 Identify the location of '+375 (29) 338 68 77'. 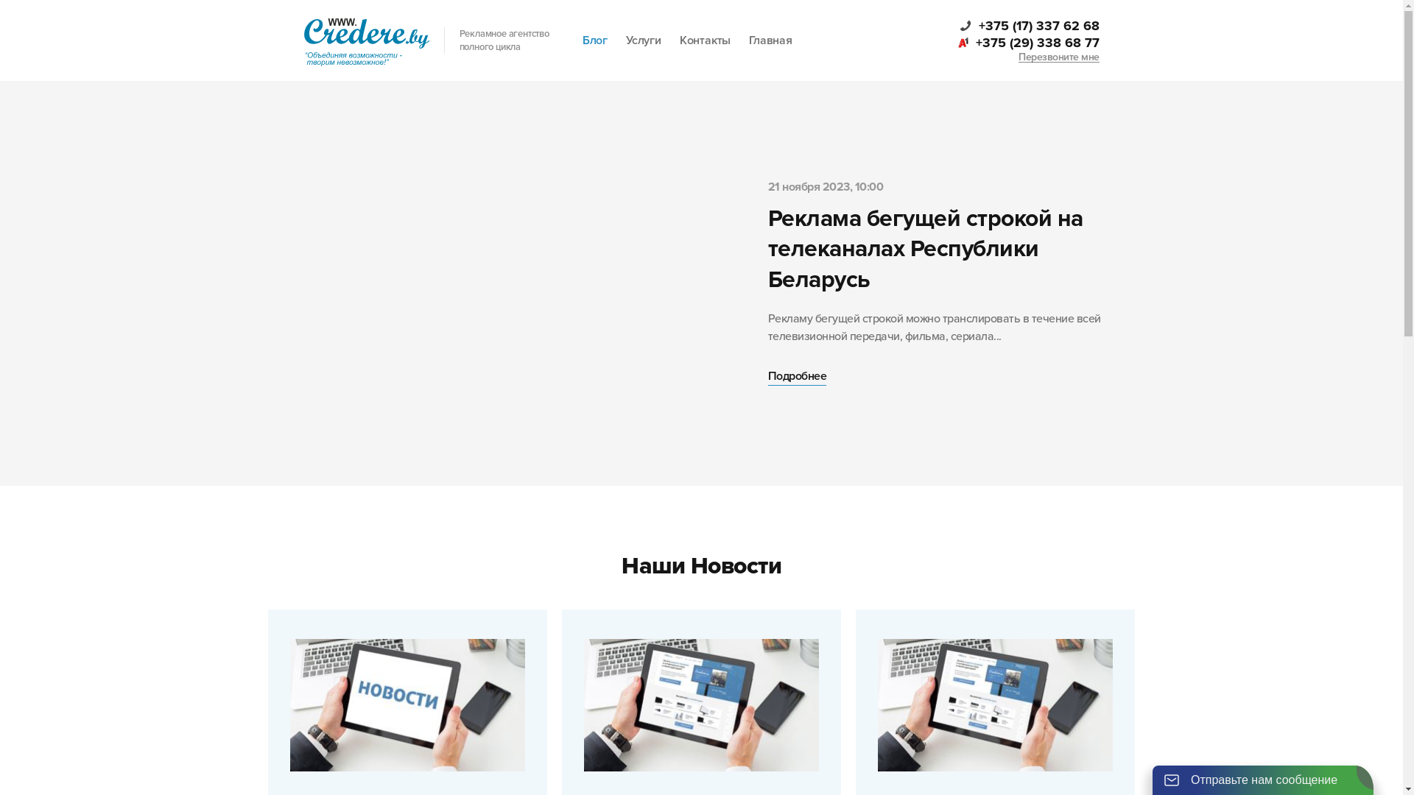
(1027, 41).